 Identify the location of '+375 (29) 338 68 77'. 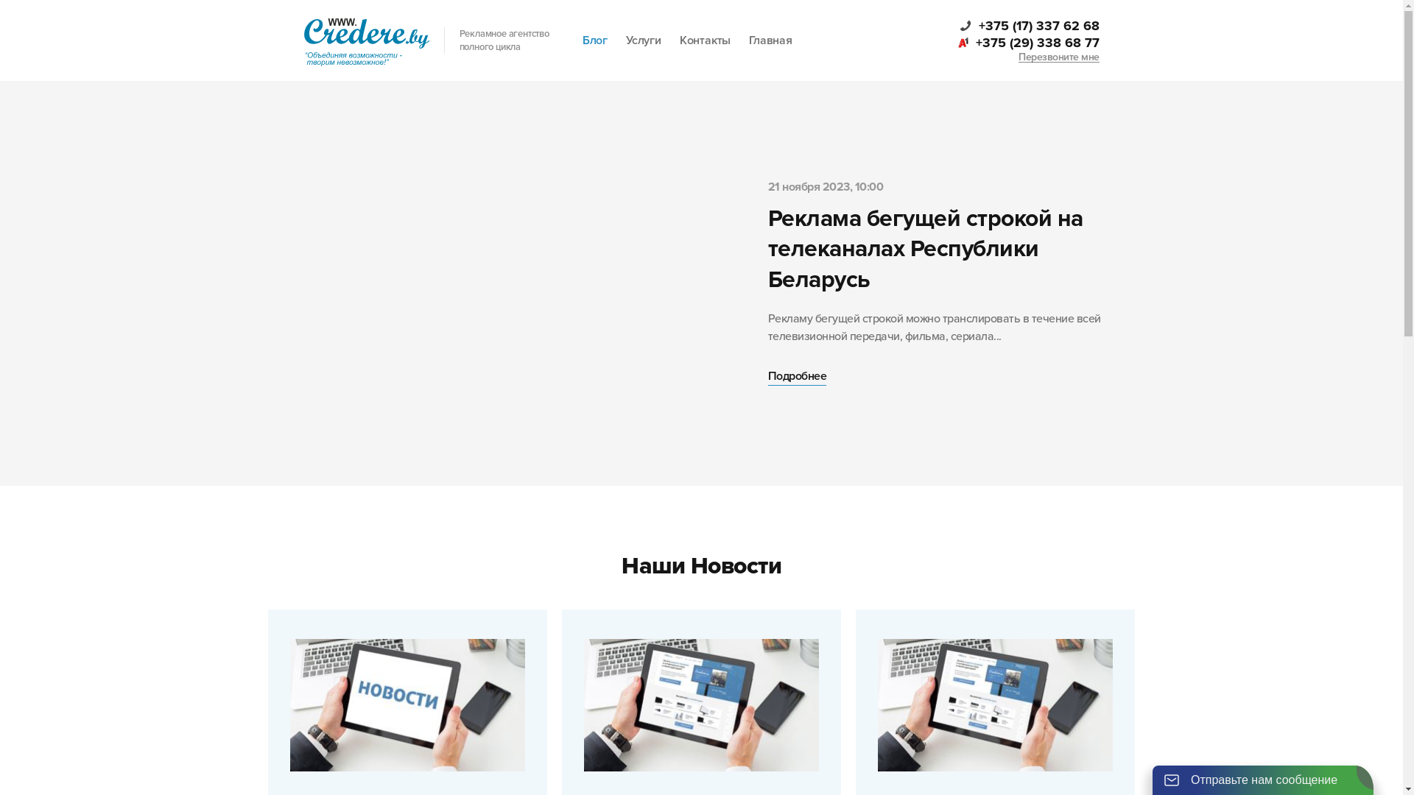
(1027, 41).